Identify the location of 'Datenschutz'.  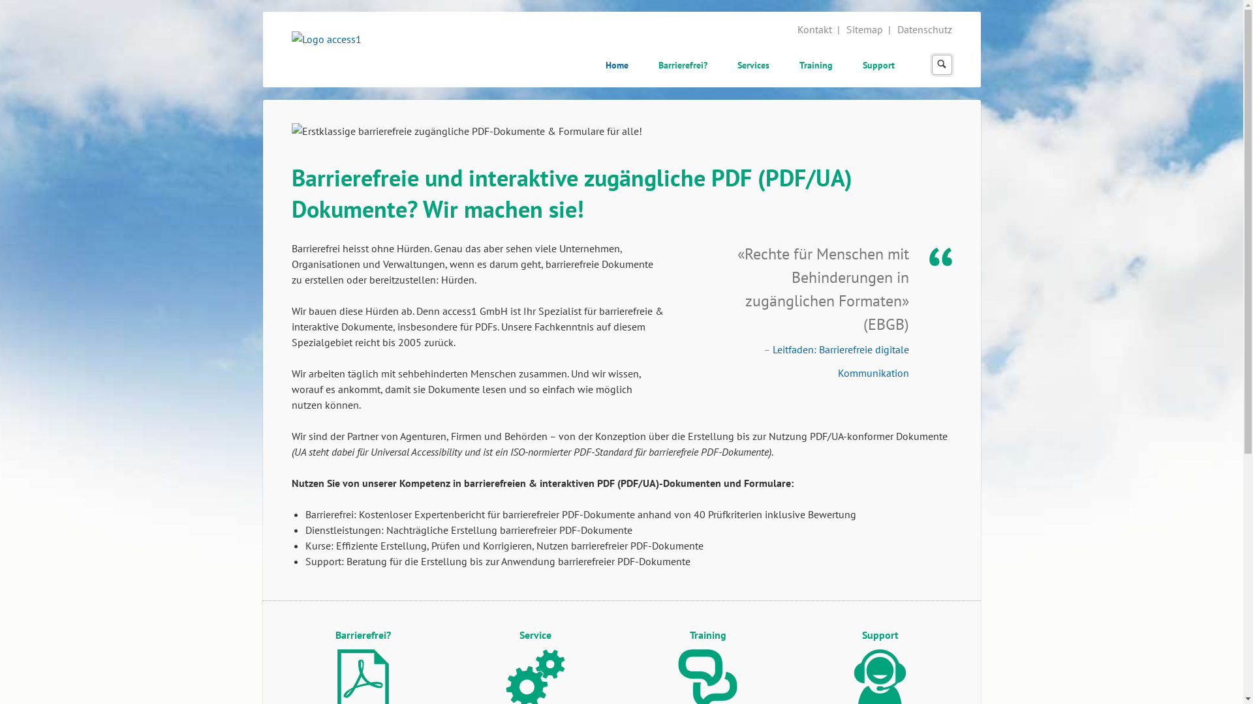
(923, 29).